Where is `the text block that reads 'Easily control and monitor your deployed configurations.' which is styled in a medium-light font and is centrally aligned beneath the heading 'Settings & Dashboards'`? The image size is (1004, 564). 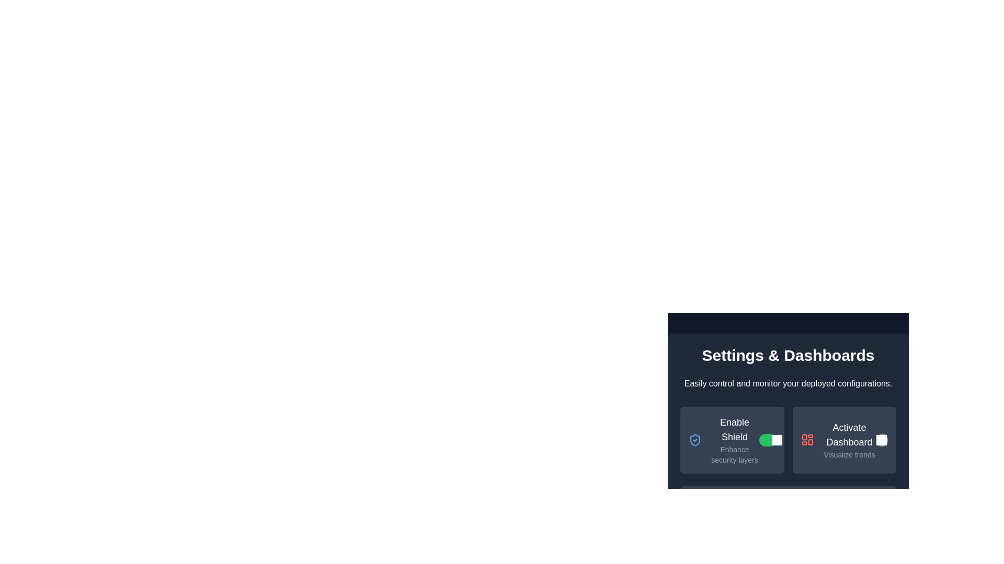 the text block that reads 'Easily control and monitor your deployed configurations.' which is styled in a medium-light font and is centrally aligned beneath the heading 'Settings & Dashboards' is located at coordinates (788, 384).